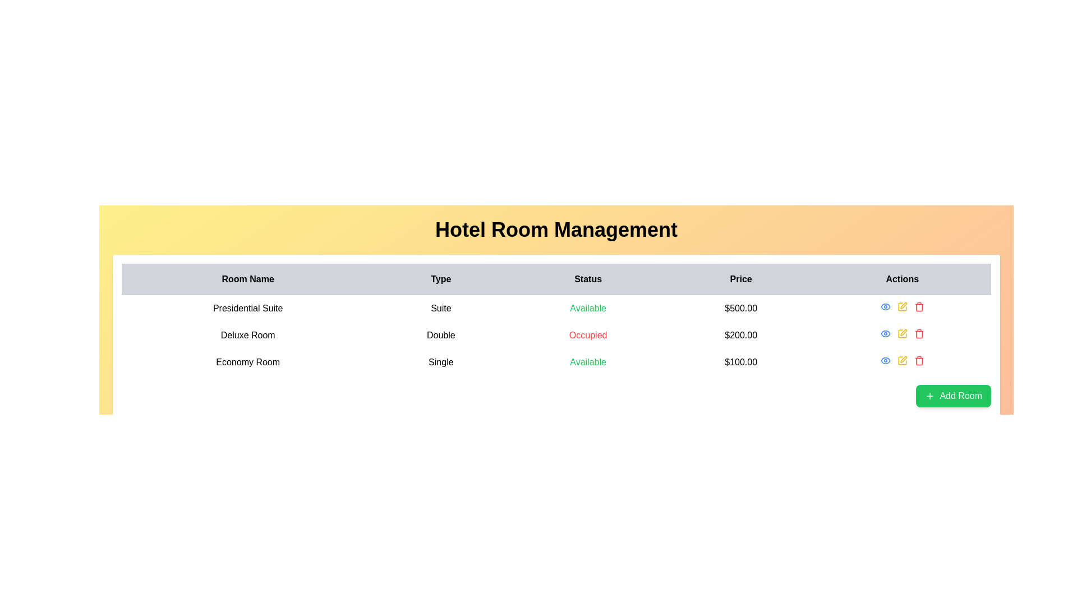 The height and width of the screenshot is (606, 1077). Describe the element at coordinates (919, 307) in the screenshot. I see `the delete button located in the 'Actions' column of the first row in the table` at that location.